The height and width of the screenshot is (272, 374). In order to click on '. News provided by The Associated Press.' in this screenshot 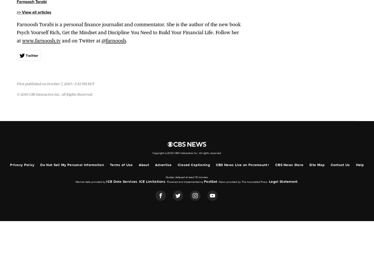, I will do `click(243, 182)`.